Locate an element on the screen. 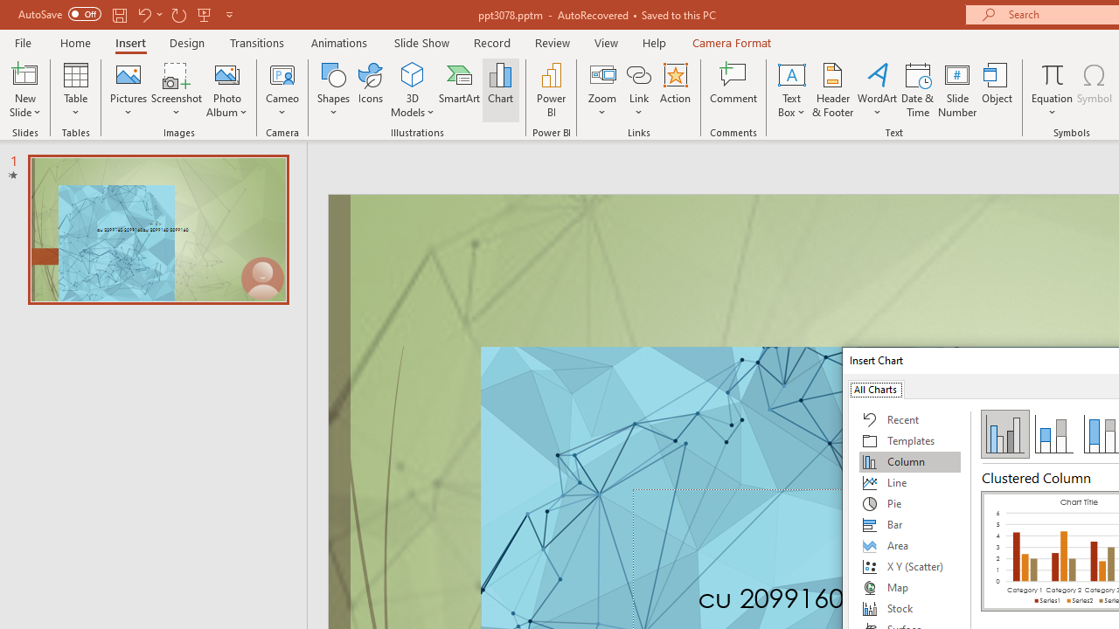  'Comment' is located at coordinates (733, 90).